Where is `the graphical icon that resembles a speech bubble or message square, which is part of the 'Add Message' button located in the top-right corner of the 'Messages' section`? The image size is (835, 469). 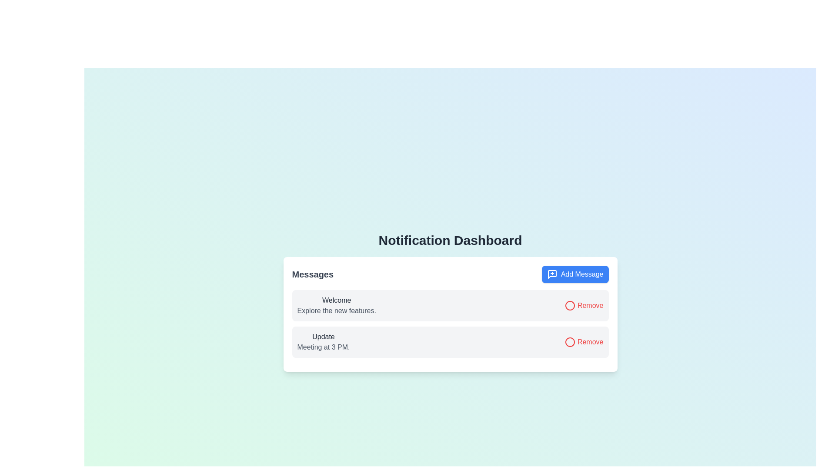
the graphical icon that resembles a speech bubble or message square, which is part of the 'Add Message' button located in the top-right corner of the 'Messages' section is located at coordinates (551, 274).